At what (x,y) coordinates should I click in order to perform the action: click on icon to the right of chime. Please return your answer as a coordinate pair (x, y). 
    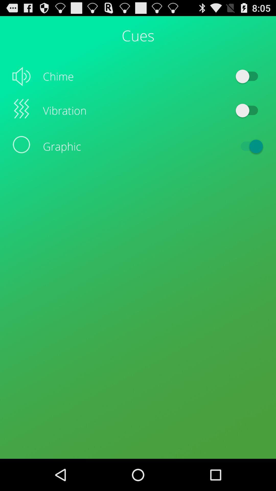
    Looking at the image, I should click on (249, 76).